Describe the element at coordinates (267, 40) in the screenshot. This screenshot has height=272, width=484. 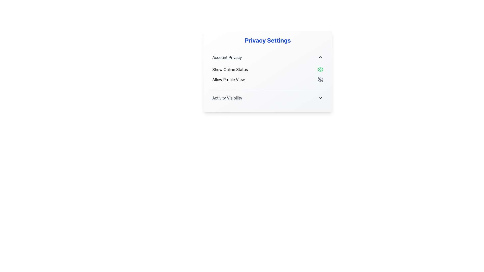
I see `the 'Privacy Settings' text label, which is a prominent header in a card-like section with a blue color and bold large font` at that location.